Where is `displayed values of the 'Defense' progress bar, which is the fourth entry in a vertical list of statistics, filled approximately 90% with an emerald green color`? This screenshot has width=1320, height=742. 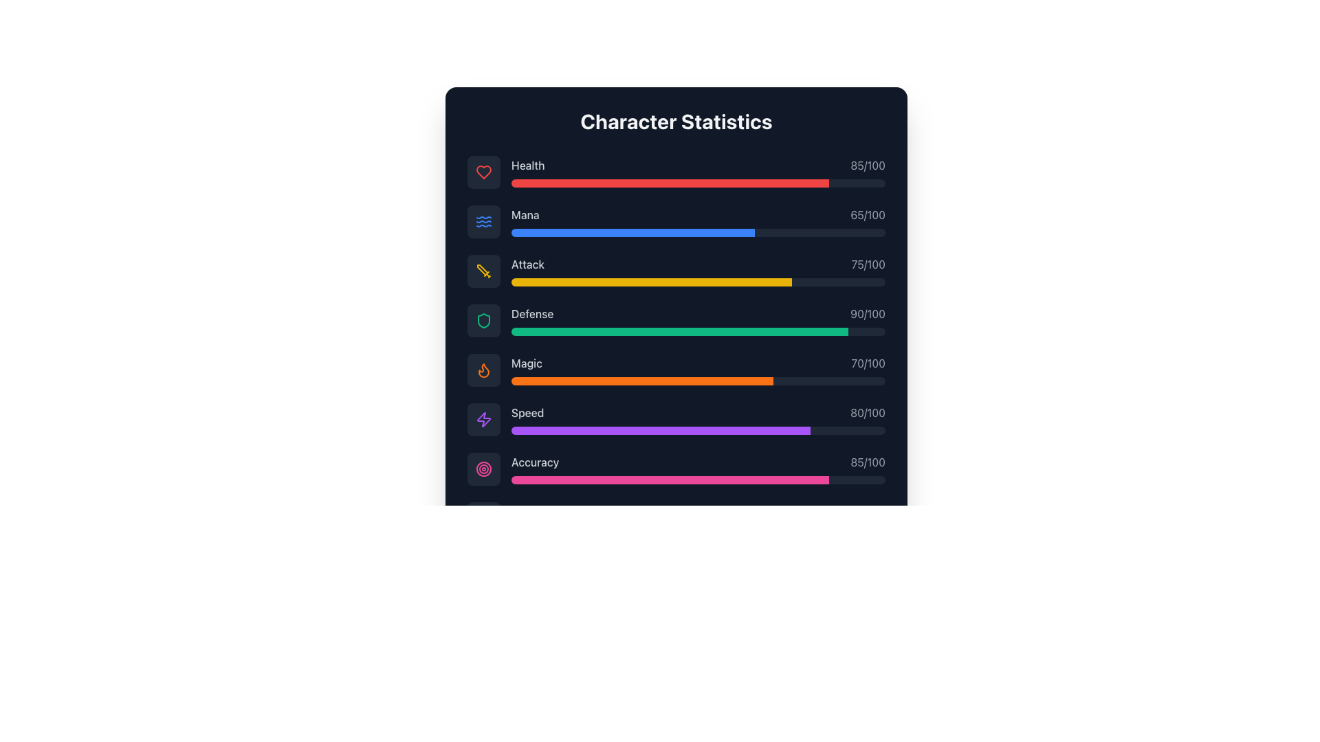
displayed values of the 'Defense' progress bar, which is the fourth entry in a vertical list of statistics, filled approximately 90% with an emerald green color is located at coordinates (698, 320).